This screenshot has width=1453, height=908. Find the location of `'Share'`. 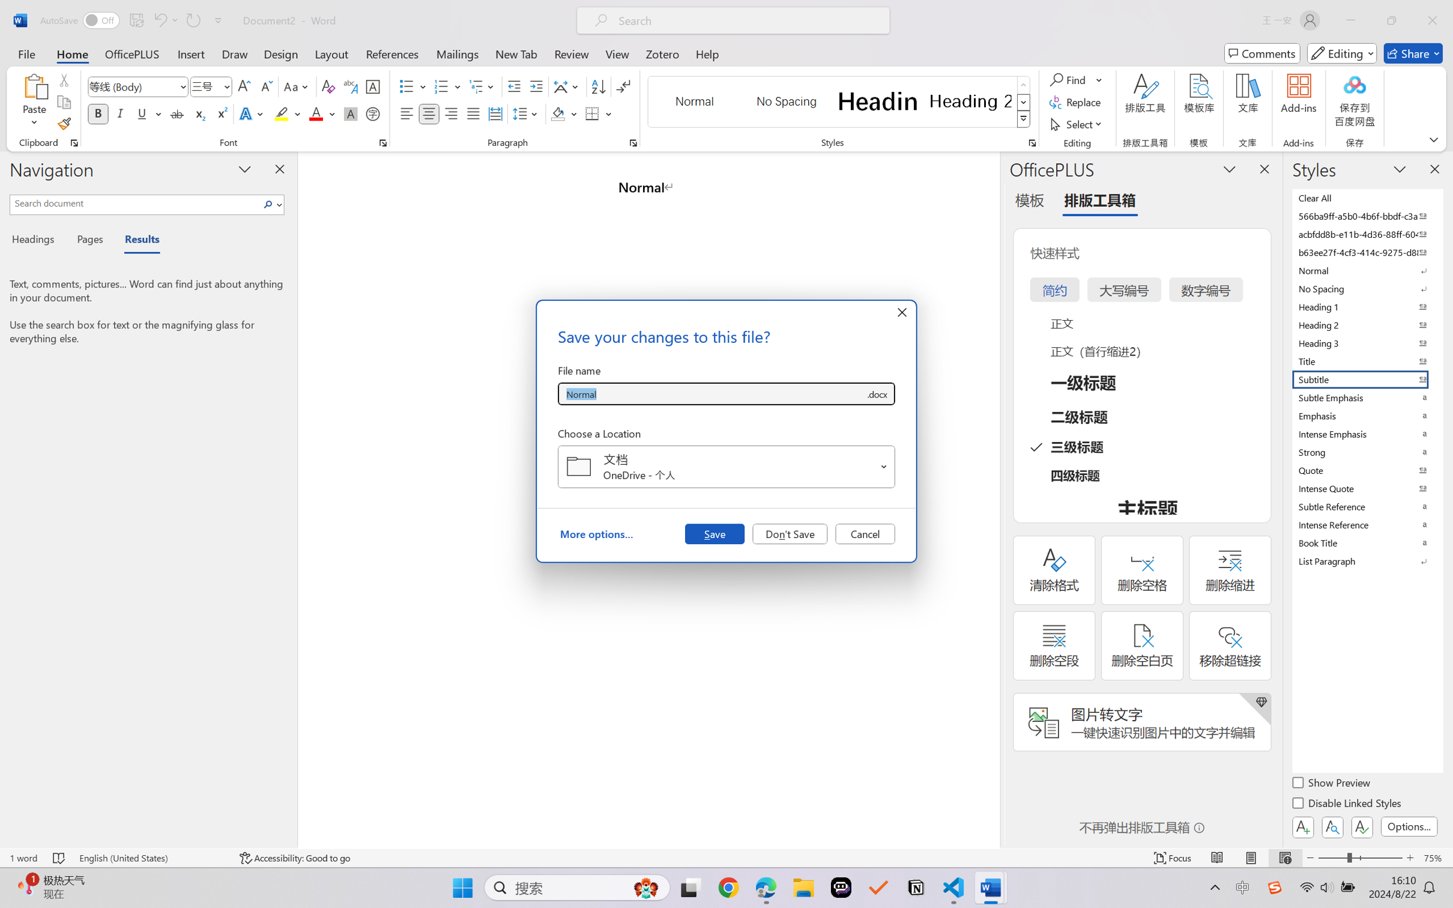

'Share' is located at coordinates (1412, 53).